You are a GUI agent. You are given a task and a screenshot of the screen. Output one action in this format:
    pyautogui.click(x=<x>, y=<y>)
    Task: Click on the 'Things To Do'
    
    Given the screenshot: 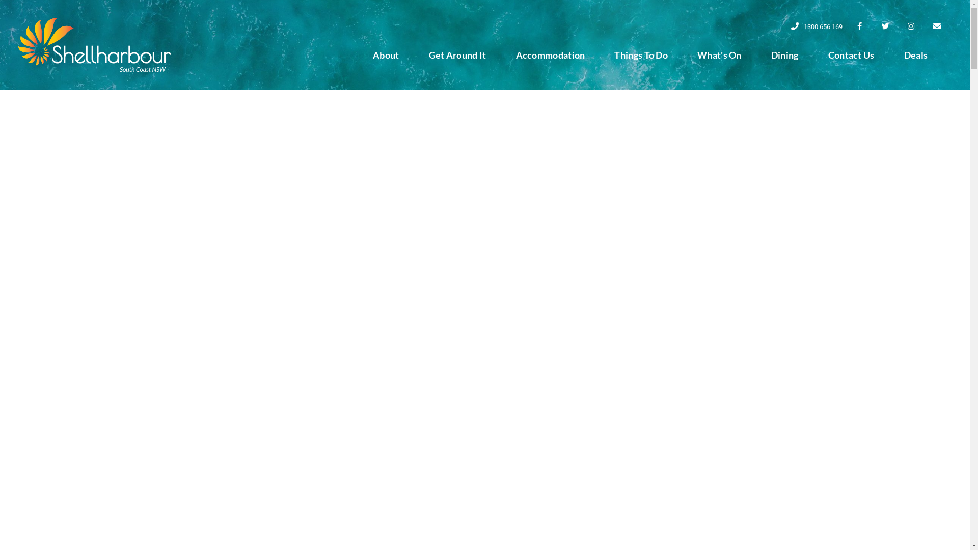 What is the action you would take?
    pyautogui.click(x=640, y=55)
    